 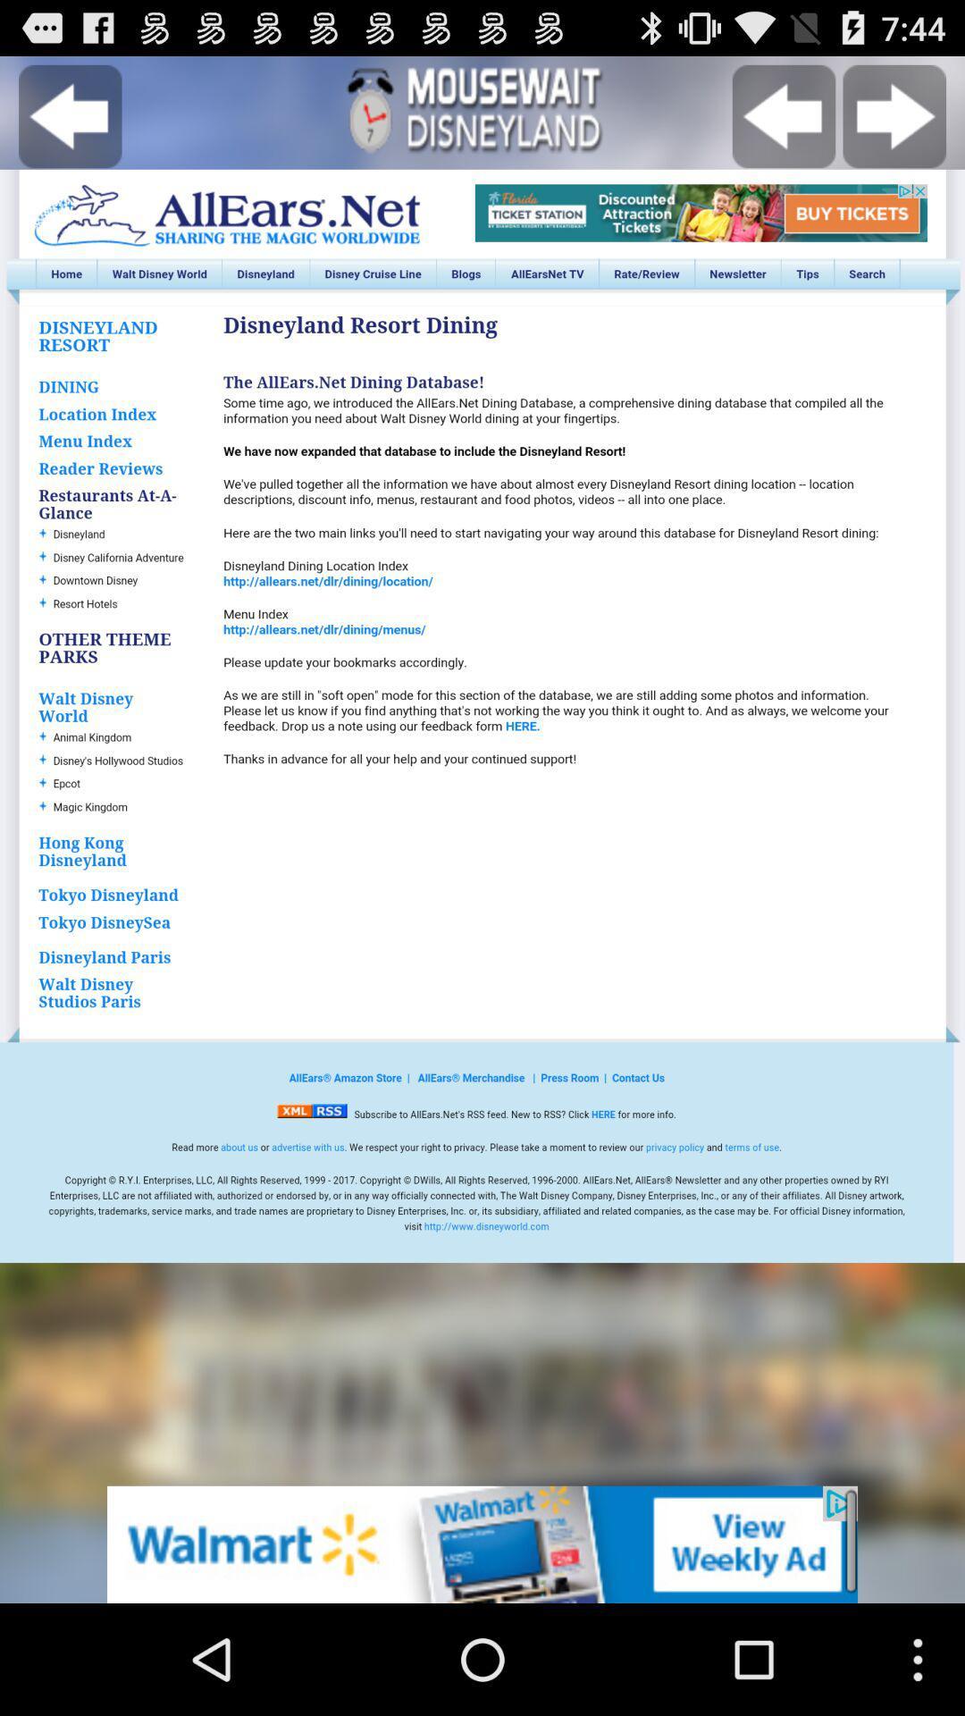 What do you see at coordinates (482, 1544) in the screenshot?
I see `see advertisement` at bounding box center [482, 1544].